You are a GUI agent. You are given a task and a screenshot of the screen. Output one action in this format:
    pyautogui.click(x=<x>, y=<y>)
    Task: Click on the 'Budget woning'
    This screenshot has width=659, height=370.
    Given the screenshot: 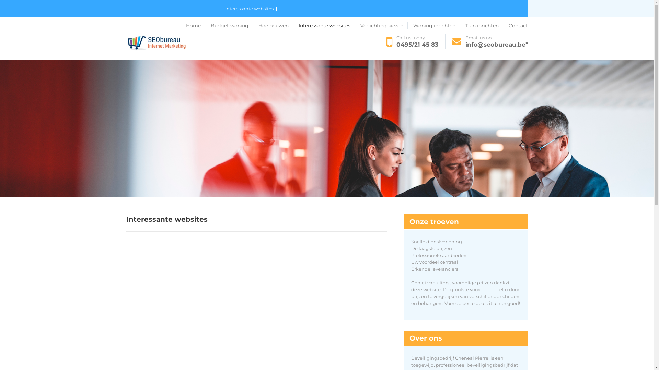 What is the action you would take?
    pyautogui.click(x=210, y=25)
    